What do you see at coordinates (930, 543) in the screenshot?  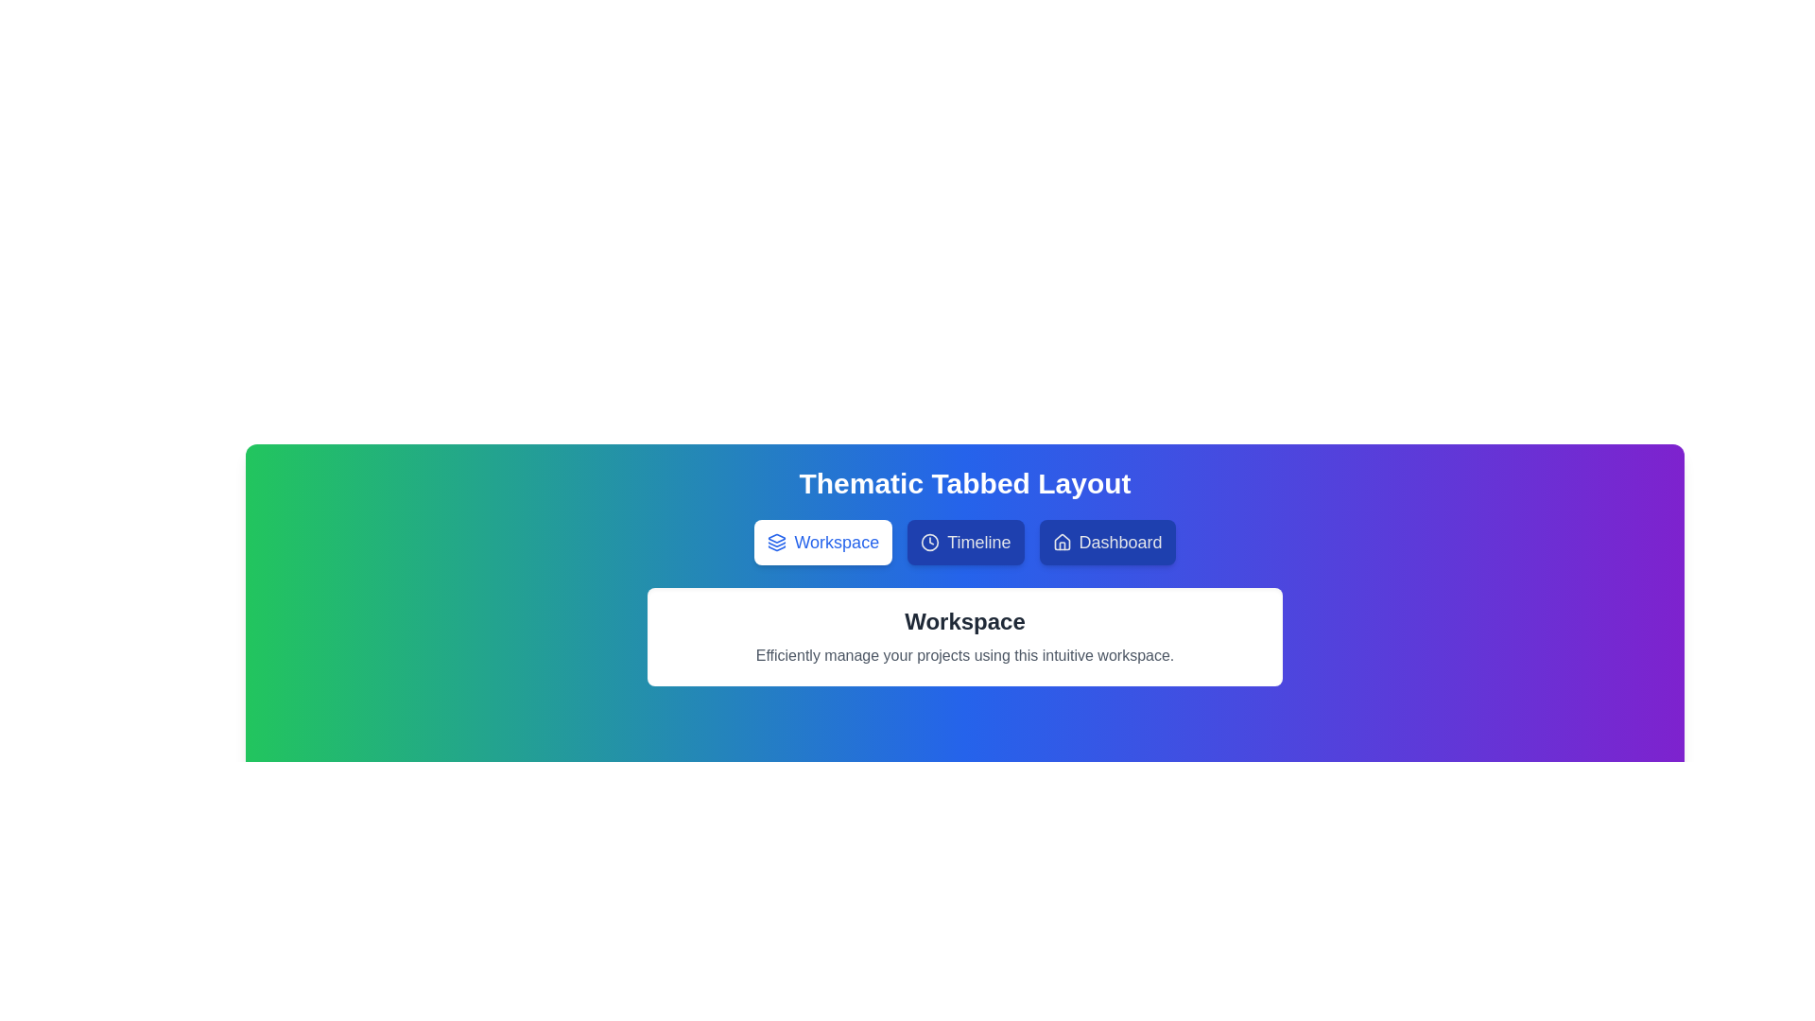 I see `the SVG Circle that represents the base of the clock icon within the Timeline button in the navigation bar` at bounding box center [930, 543].